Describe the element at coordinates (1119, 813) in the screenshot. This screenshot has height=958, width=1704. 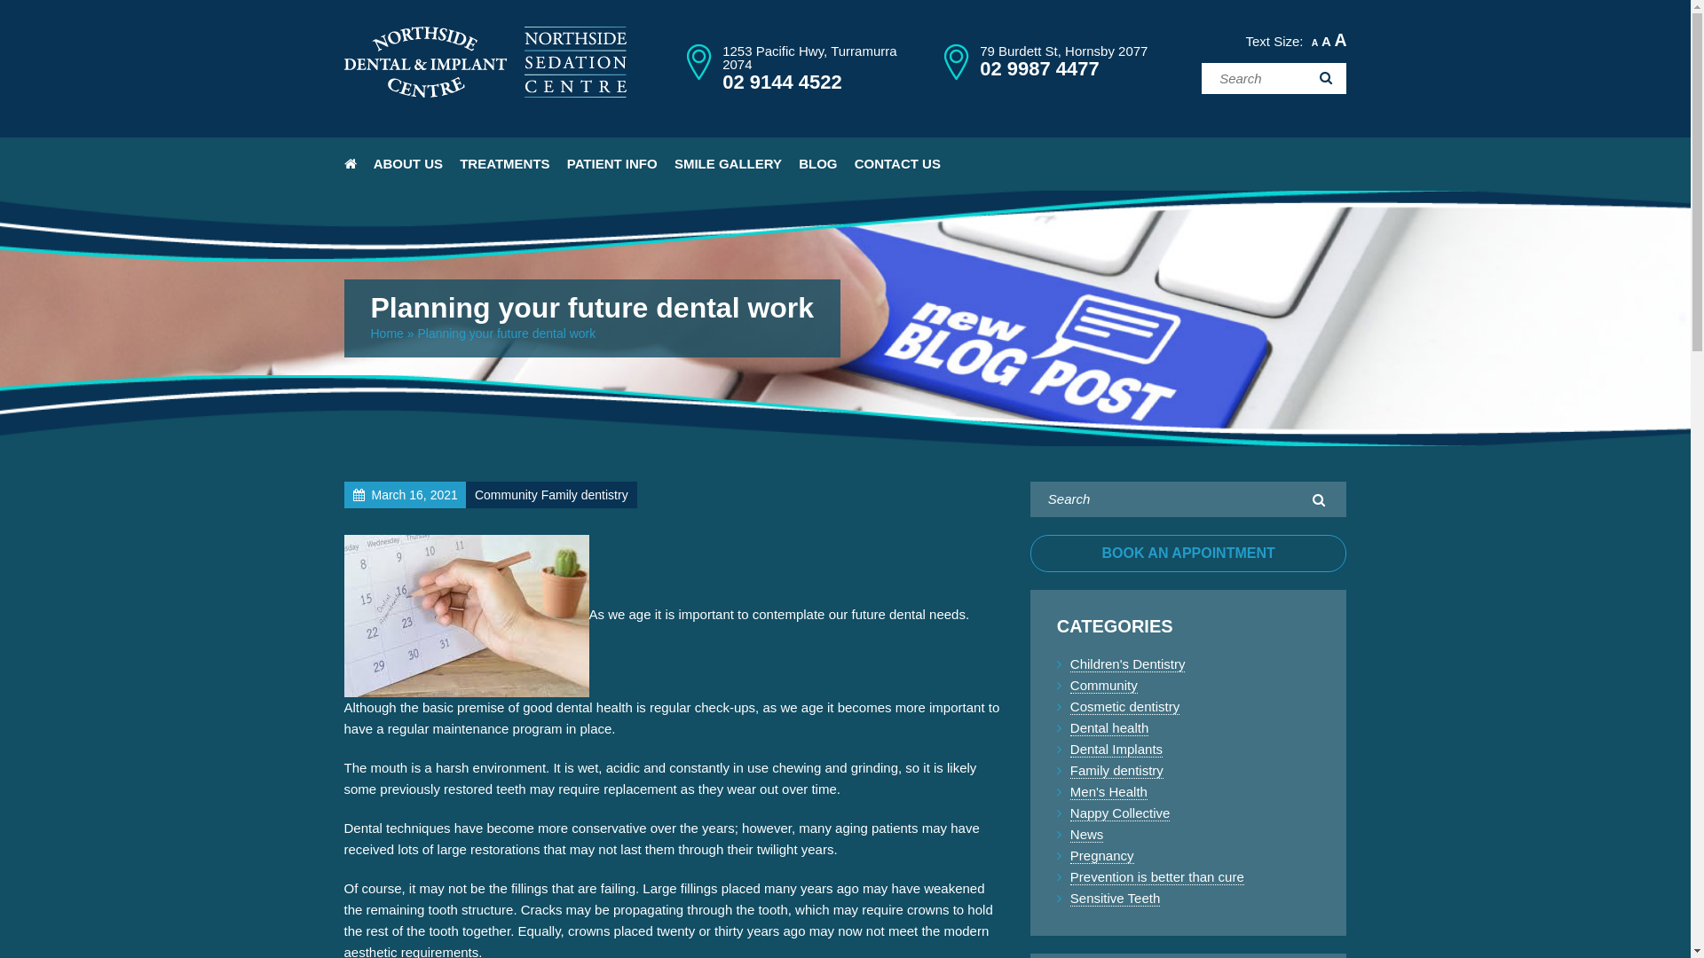
I see `'Nappy Collective'` at that location.